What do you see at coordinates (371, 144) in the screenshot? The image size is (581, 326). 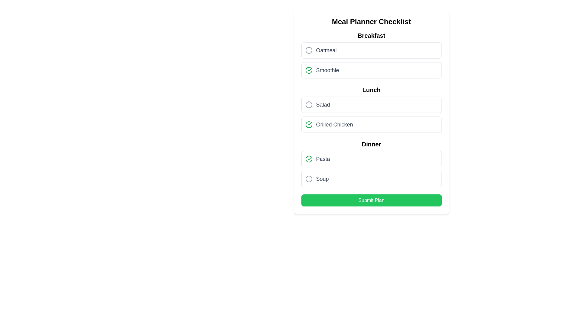 I see `the static text label that reads 'Dinner', which is centrally aligned above the meal options in the selection interface` at bounding box center [371, 144].